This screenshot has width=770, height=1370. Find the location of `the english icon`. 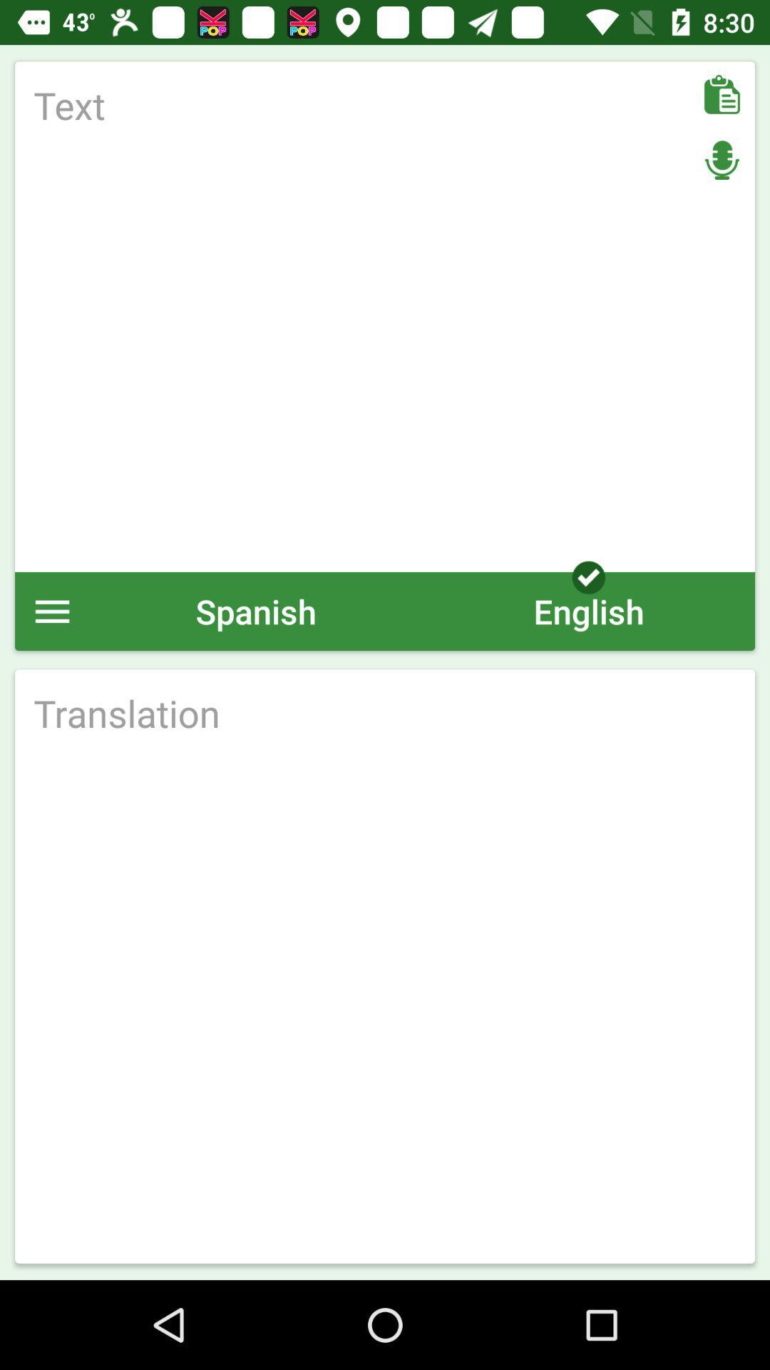

the english icon is located at coordinates (588, 611).